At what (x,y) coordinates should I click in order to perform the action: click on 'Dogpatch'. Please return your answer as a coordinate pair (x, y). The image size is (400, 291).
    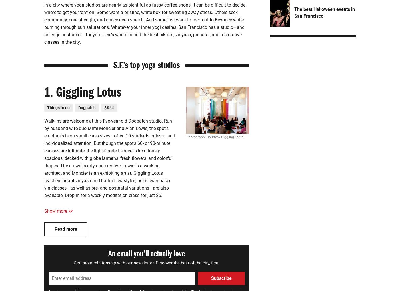
    Looking at the image, I should click on (87, 107).